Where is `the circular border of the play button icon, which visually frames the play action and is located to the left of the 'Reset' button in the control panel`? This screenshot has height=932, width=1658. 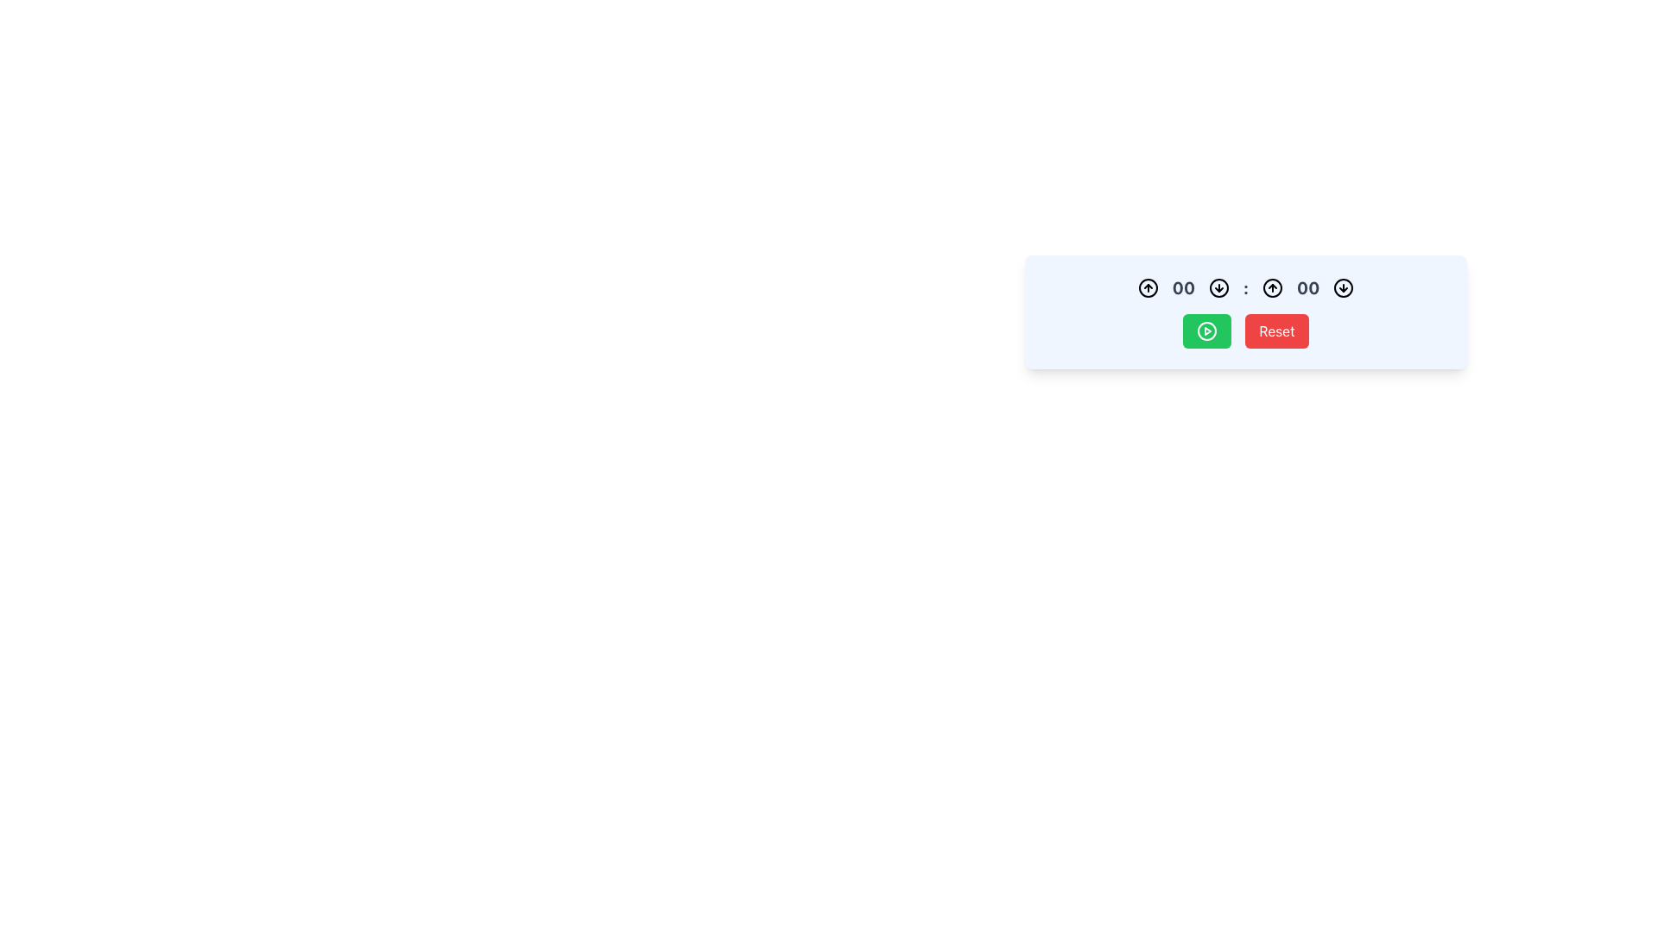
the circular border of the play button icon, which visually frames the play action and is located to the left of the 'Reset' button in the control panel is located at coordinates (1206, 331).